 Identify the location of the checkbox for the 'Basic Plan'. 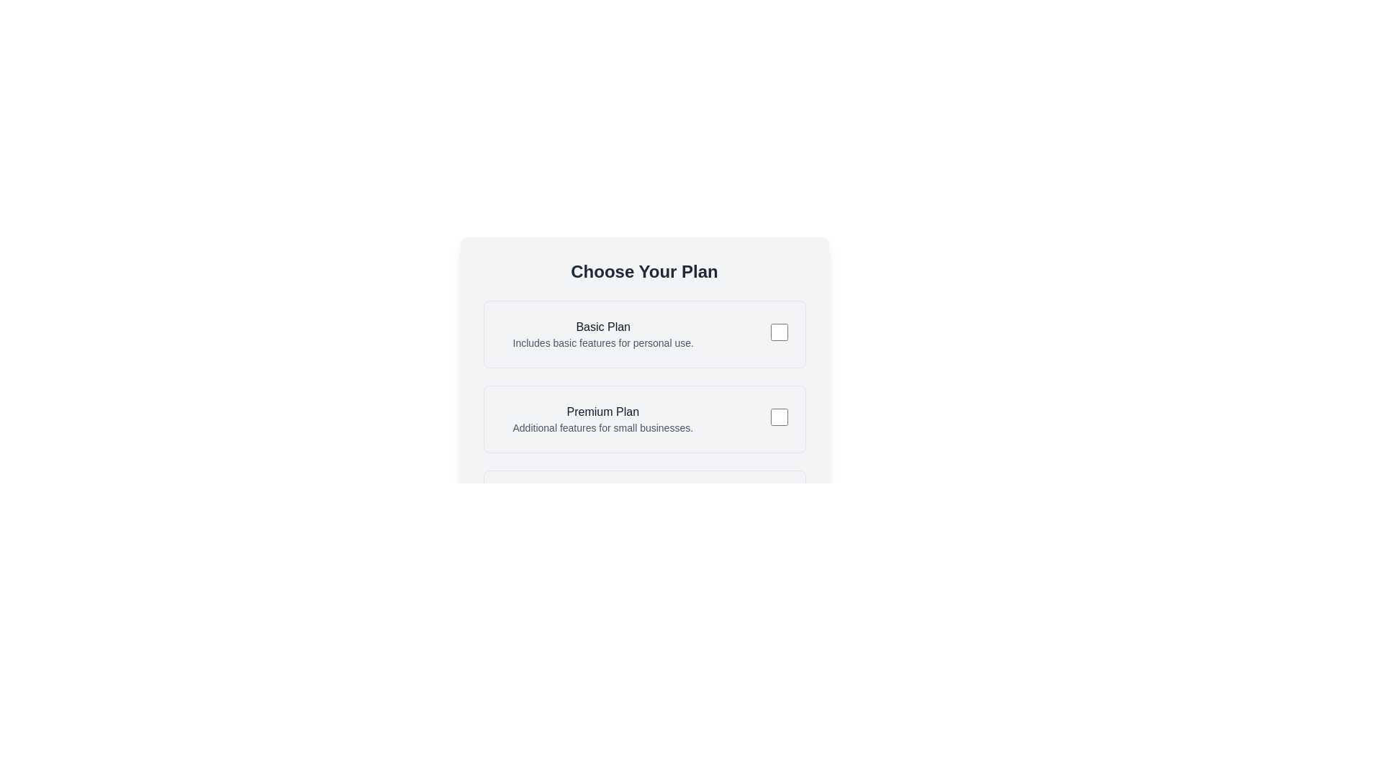
(778, 332).